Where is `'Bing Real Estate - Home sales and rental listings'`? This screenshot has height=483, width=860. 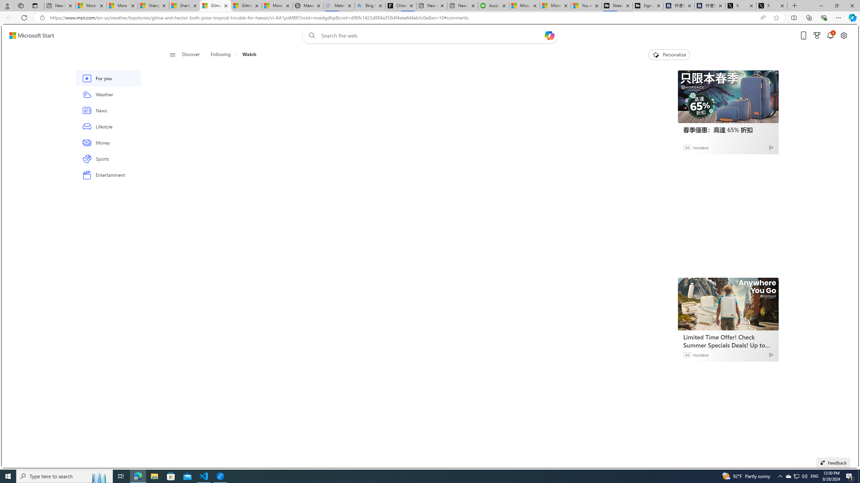
'Bing Real Estate - Home sales and rental listings' is located at coordinates (370, 5).